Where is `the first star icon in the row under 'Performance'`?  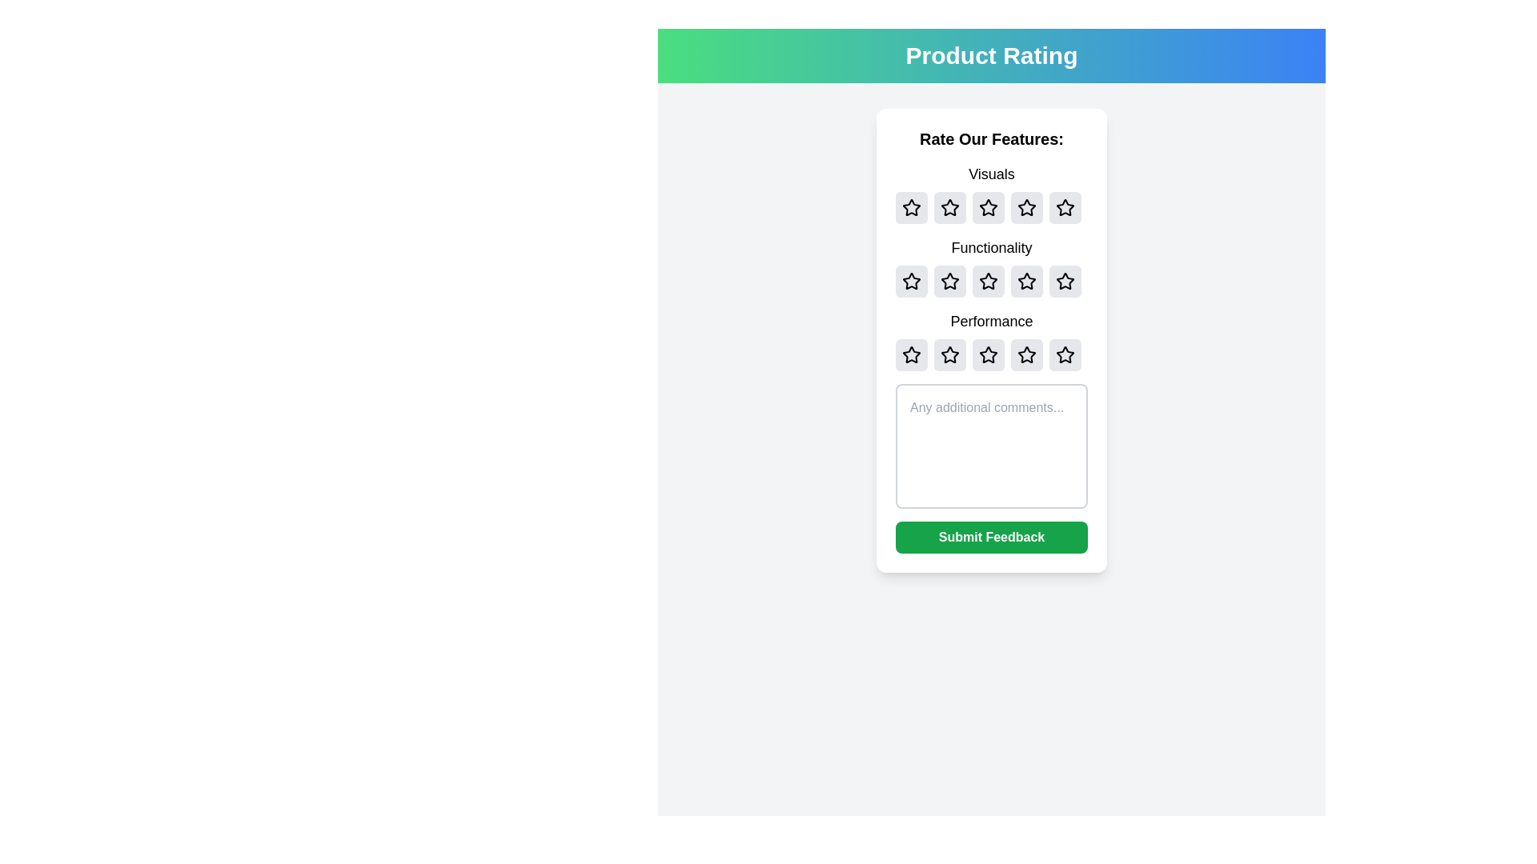 the first star icon in the row under 'Performance' is located at coordinates (911, 354).